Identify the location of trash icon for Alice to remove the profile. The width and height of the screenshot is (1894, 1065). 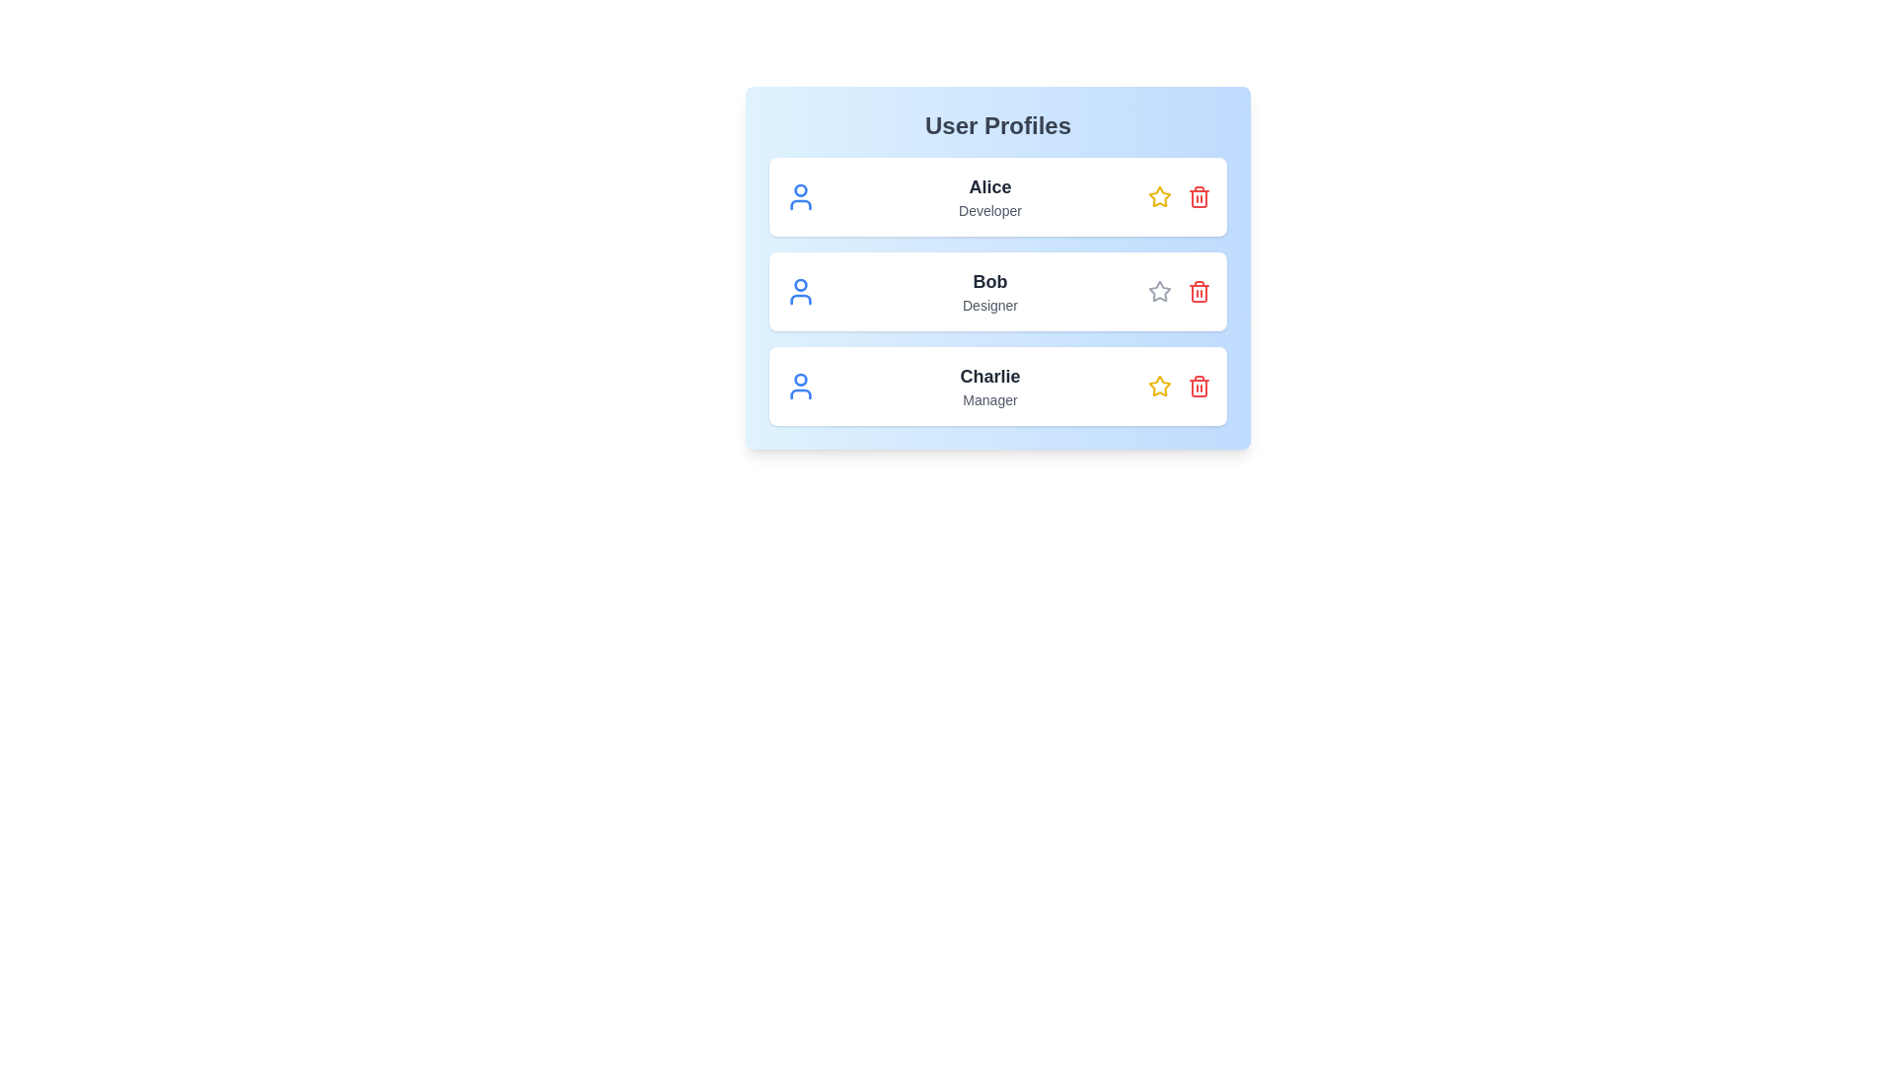
(1198, 197).